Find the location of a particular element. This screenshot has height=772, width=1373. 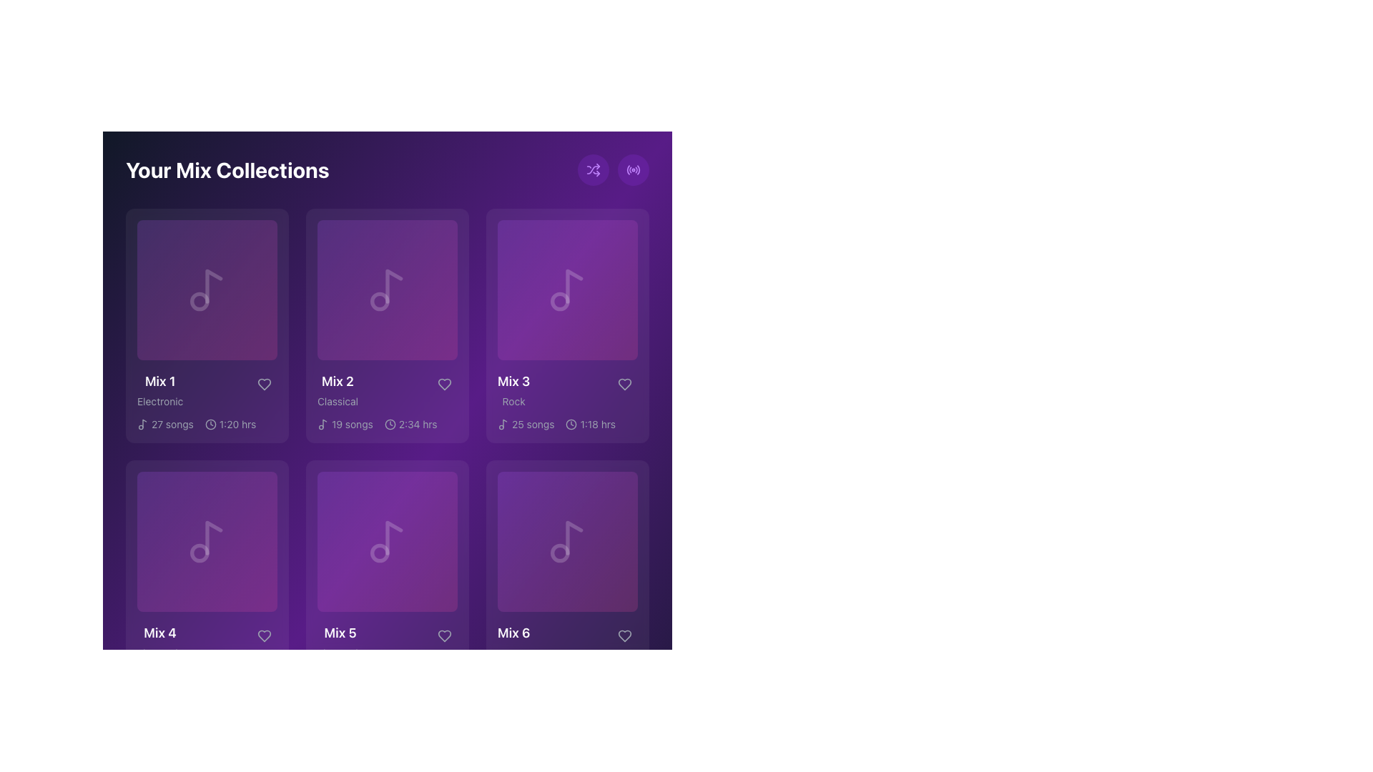

the playback button located at the center of the Mix 2 card to initiate playback is located at coordinates (388, 289).